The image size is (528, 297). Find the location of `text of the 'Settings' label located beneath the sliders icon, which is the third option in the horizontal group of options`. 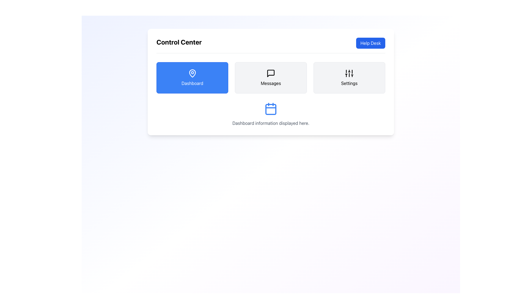

text of the 'Settings' label located beneath the sliders icon, which is the third option in the horizontal group of options is located at coordinates (349, 83).